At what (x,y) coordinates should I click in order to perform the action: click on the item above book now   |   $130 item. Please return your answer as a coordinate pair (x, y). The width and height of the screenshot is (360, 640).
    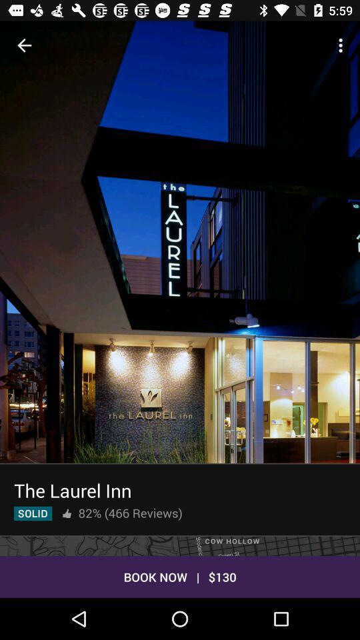
    Looking at the image, I should click on (180, 546).